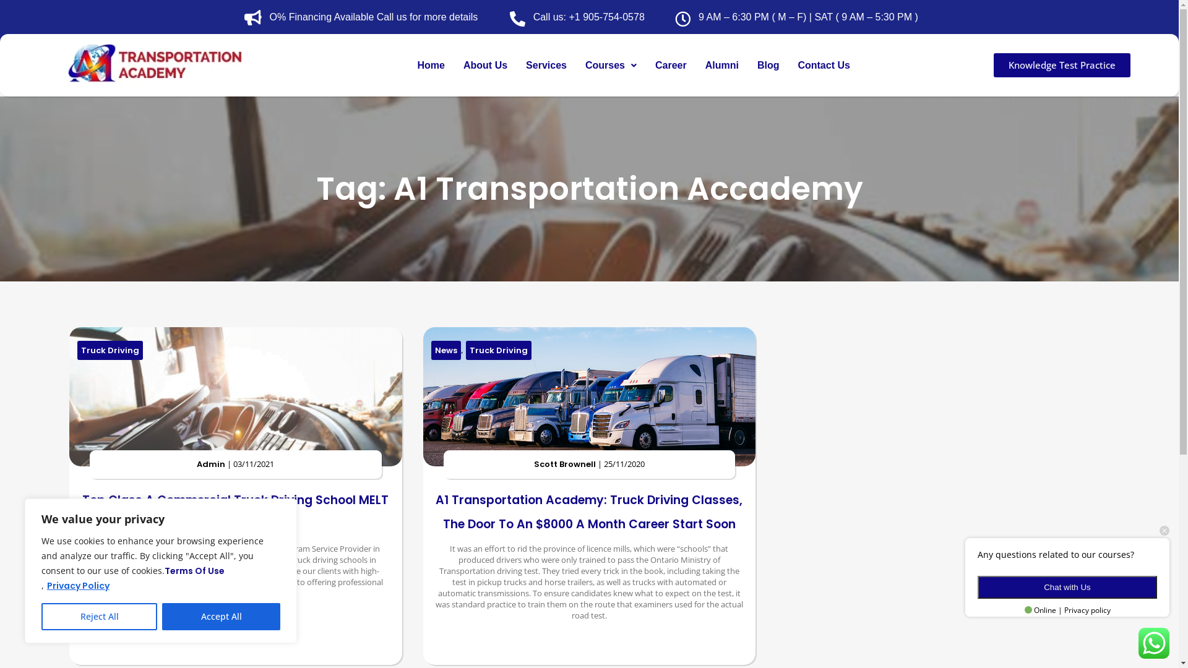 The height and width of the screenshot is (668, 1188). I want to click on 'Home', so click(431, 64).